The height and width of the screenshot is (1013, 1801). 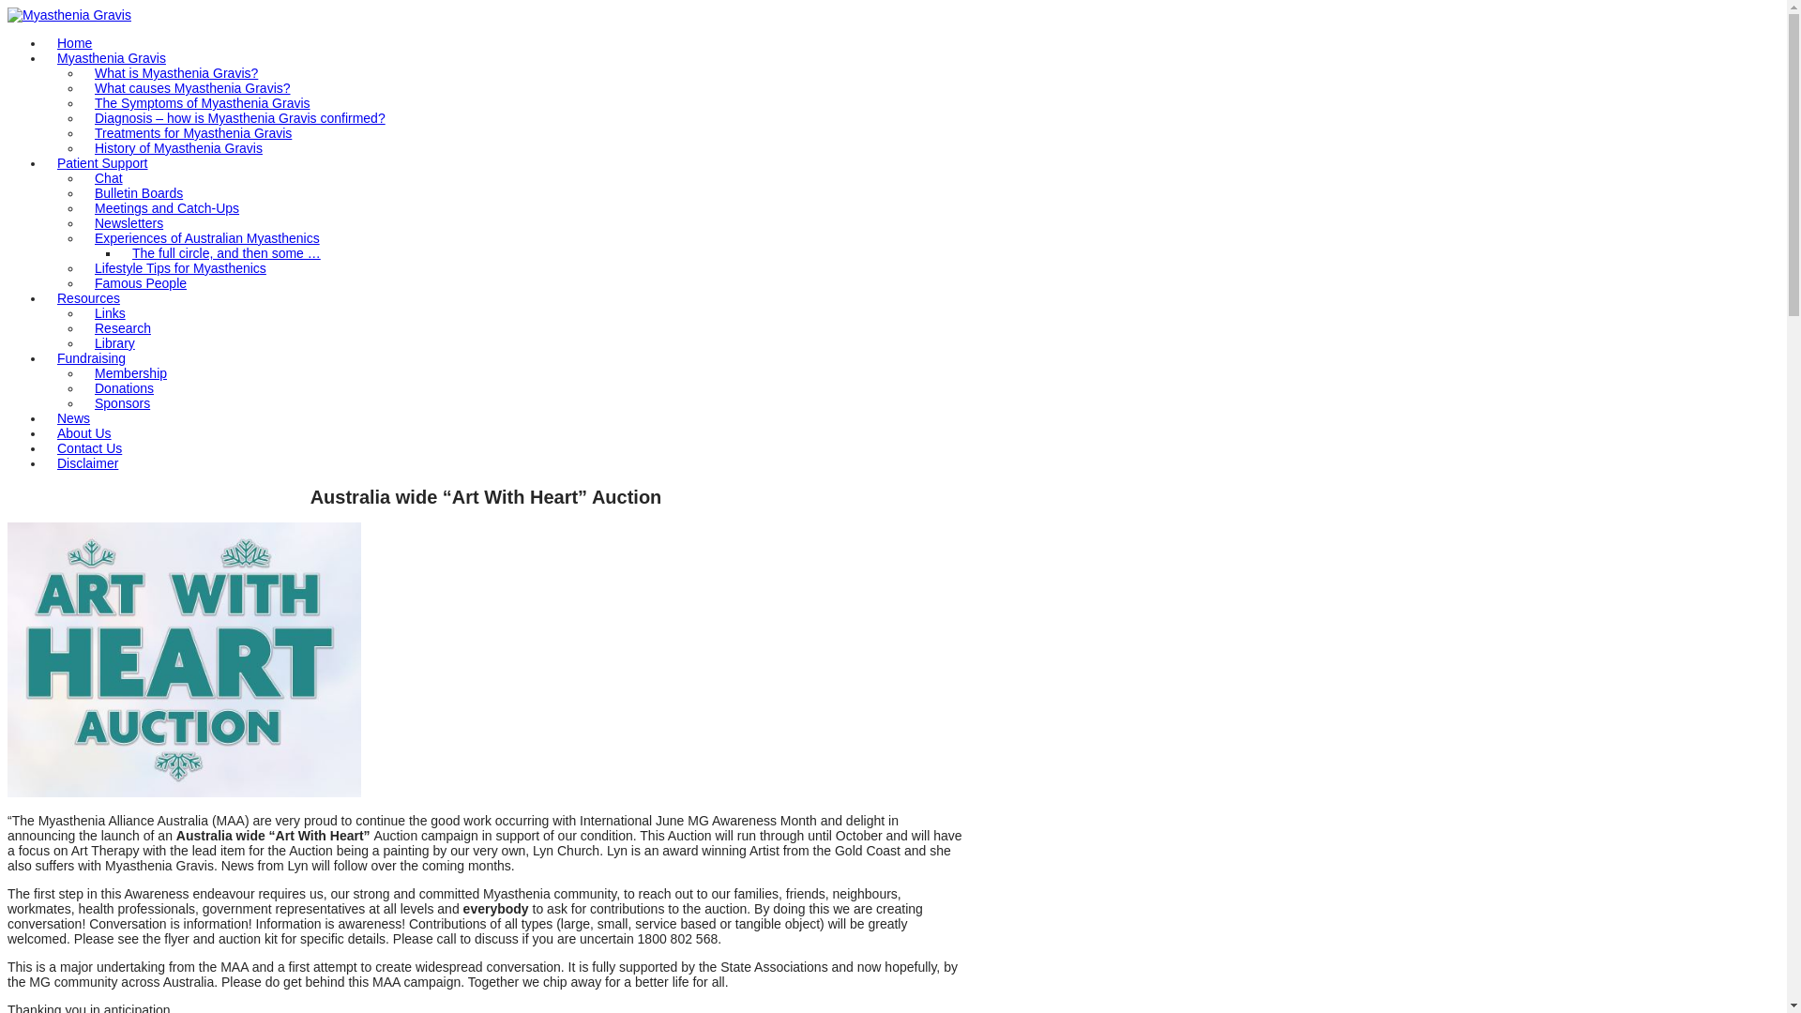 What do you see at coordinates (90, 357) in the screenshot?
I see `'Fundraising'` at bounding box center [90, 357].